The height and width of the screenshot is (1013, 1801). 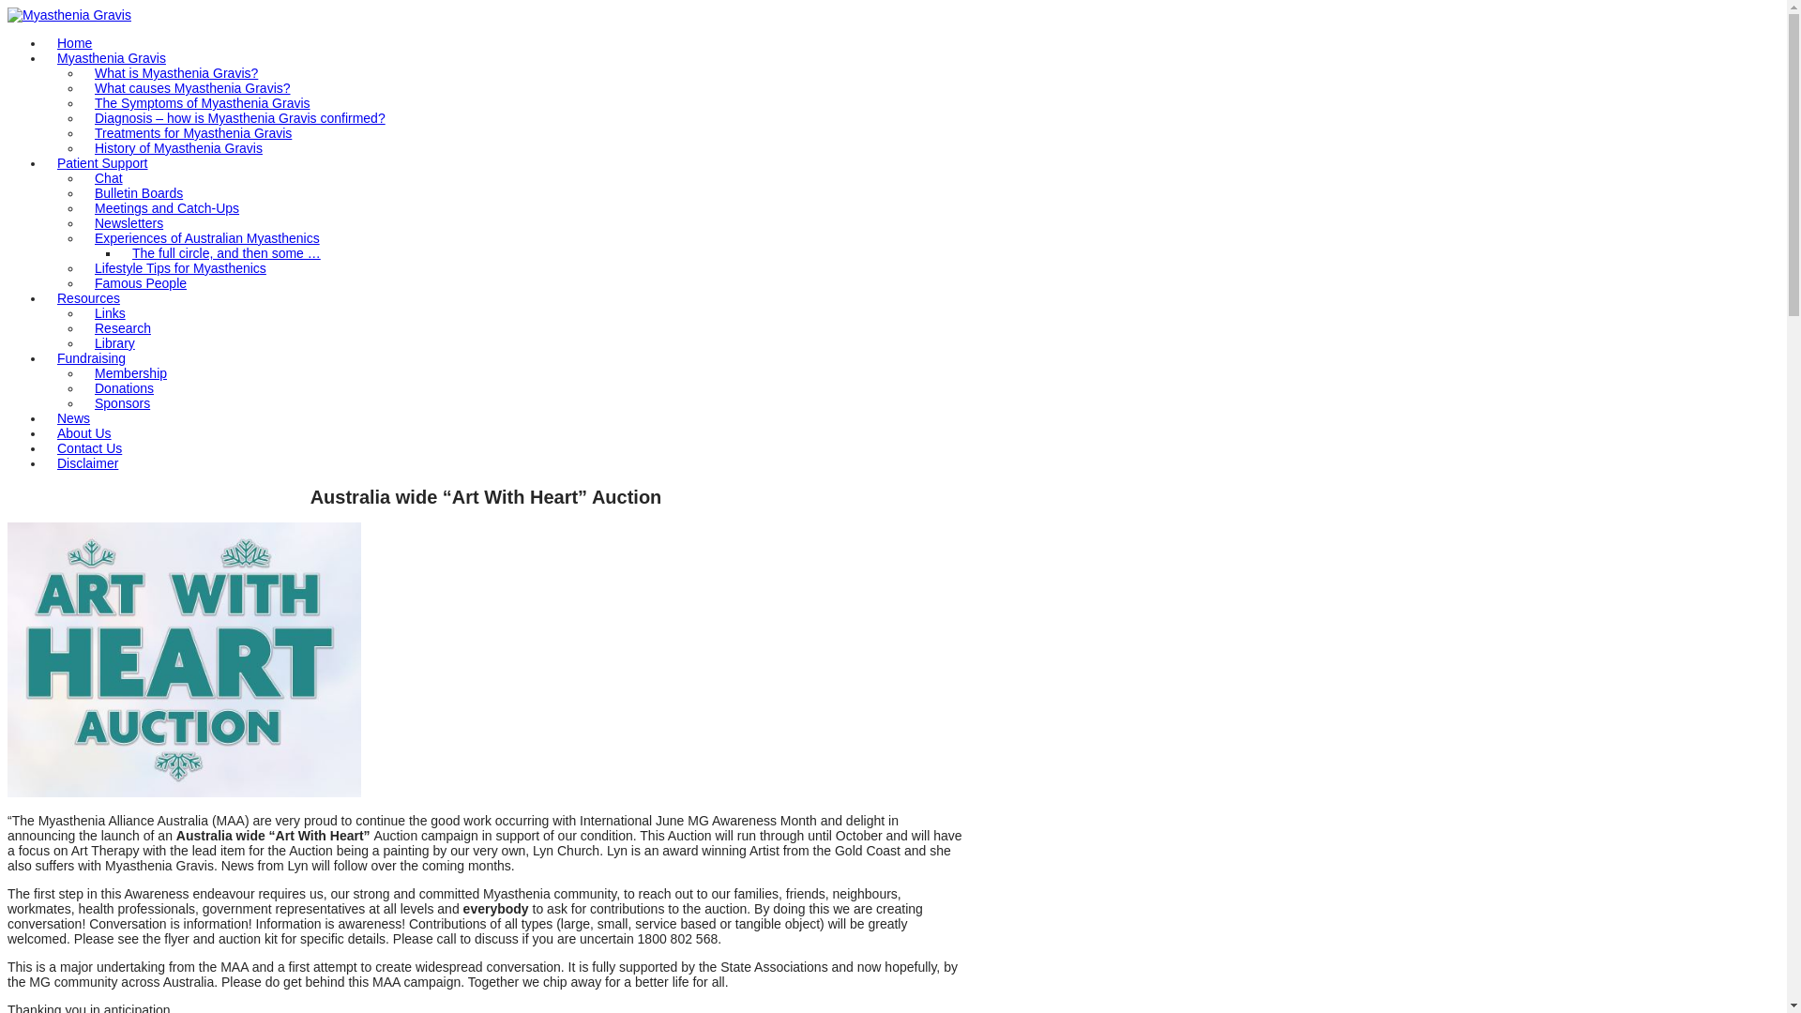 What do you see at coordinates (90, 357) in the screenshot?
I see `'Fundraising'` at bounding box center [90, 357].